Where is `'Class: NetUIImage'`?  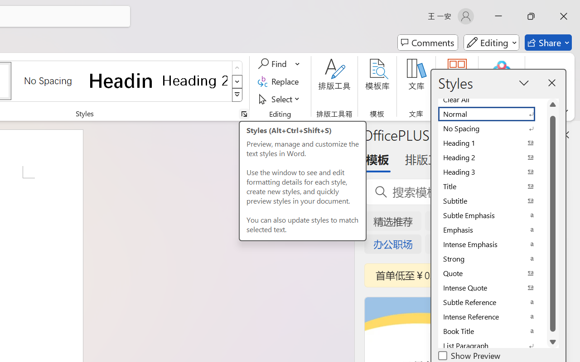 'Class: NetUIImage' is located at coordinates (237, 95).